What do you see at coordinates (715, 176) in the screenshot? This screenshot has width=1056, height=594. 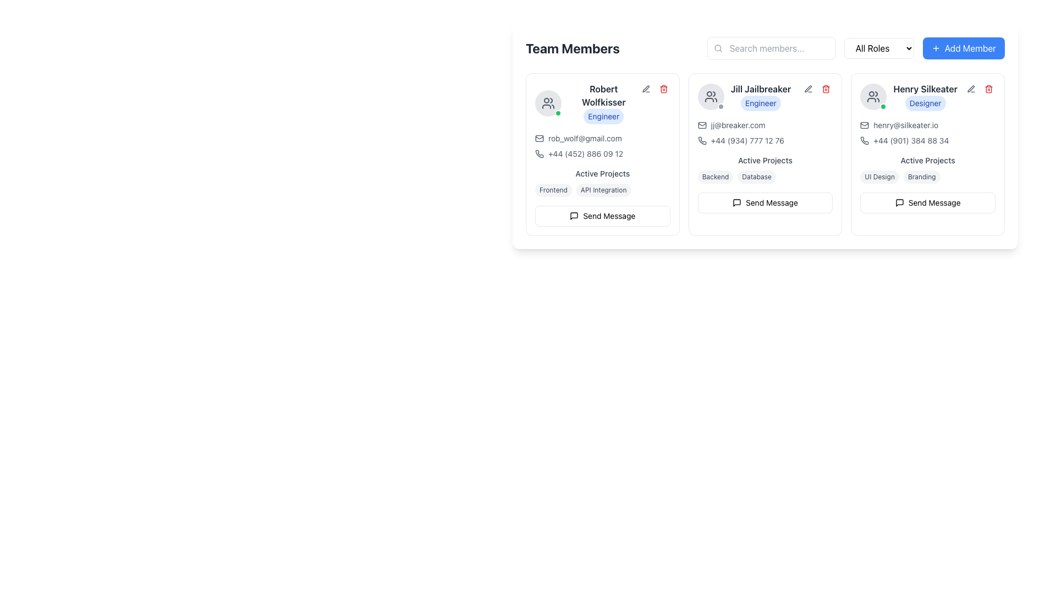 I see `the first badge in the horizontally arranged group of two badges within the 'Active Projects' section of the second card, which indicates involvement in 'Backend' projects` at bounding box center [715, 176].